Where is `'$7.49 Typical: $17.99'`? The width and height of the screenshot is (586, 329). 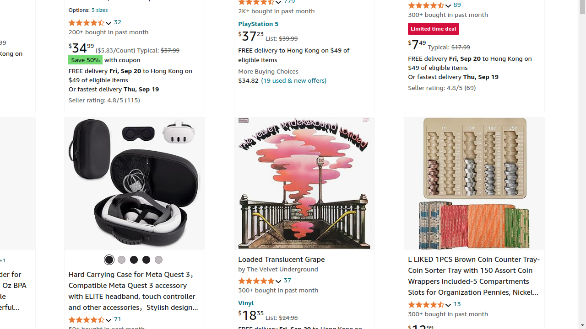 '$7.49 Typical: $17.99' is located at coordinates (438, 44).